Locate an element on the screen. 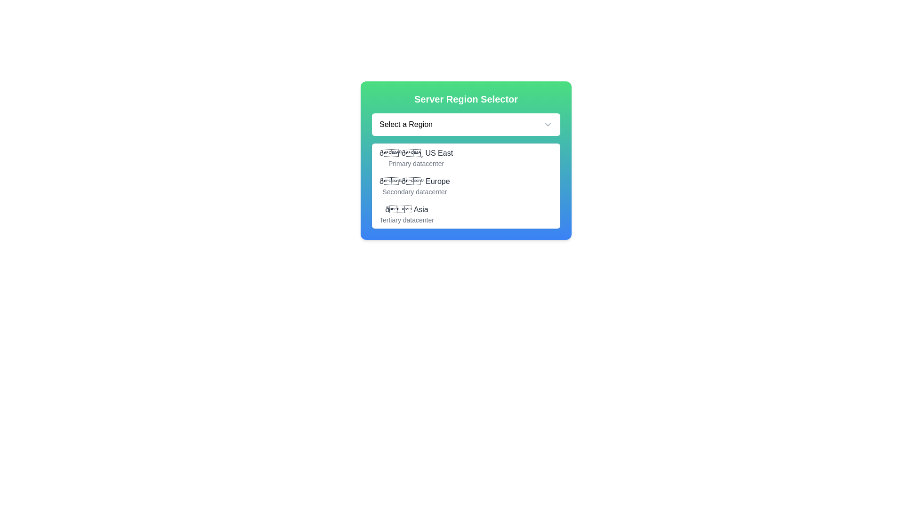  on the first selectable text element in the dropdown labeled 'Select a Region', which shows the US flag and the text 'US East' is located at coordinates (415, 157).